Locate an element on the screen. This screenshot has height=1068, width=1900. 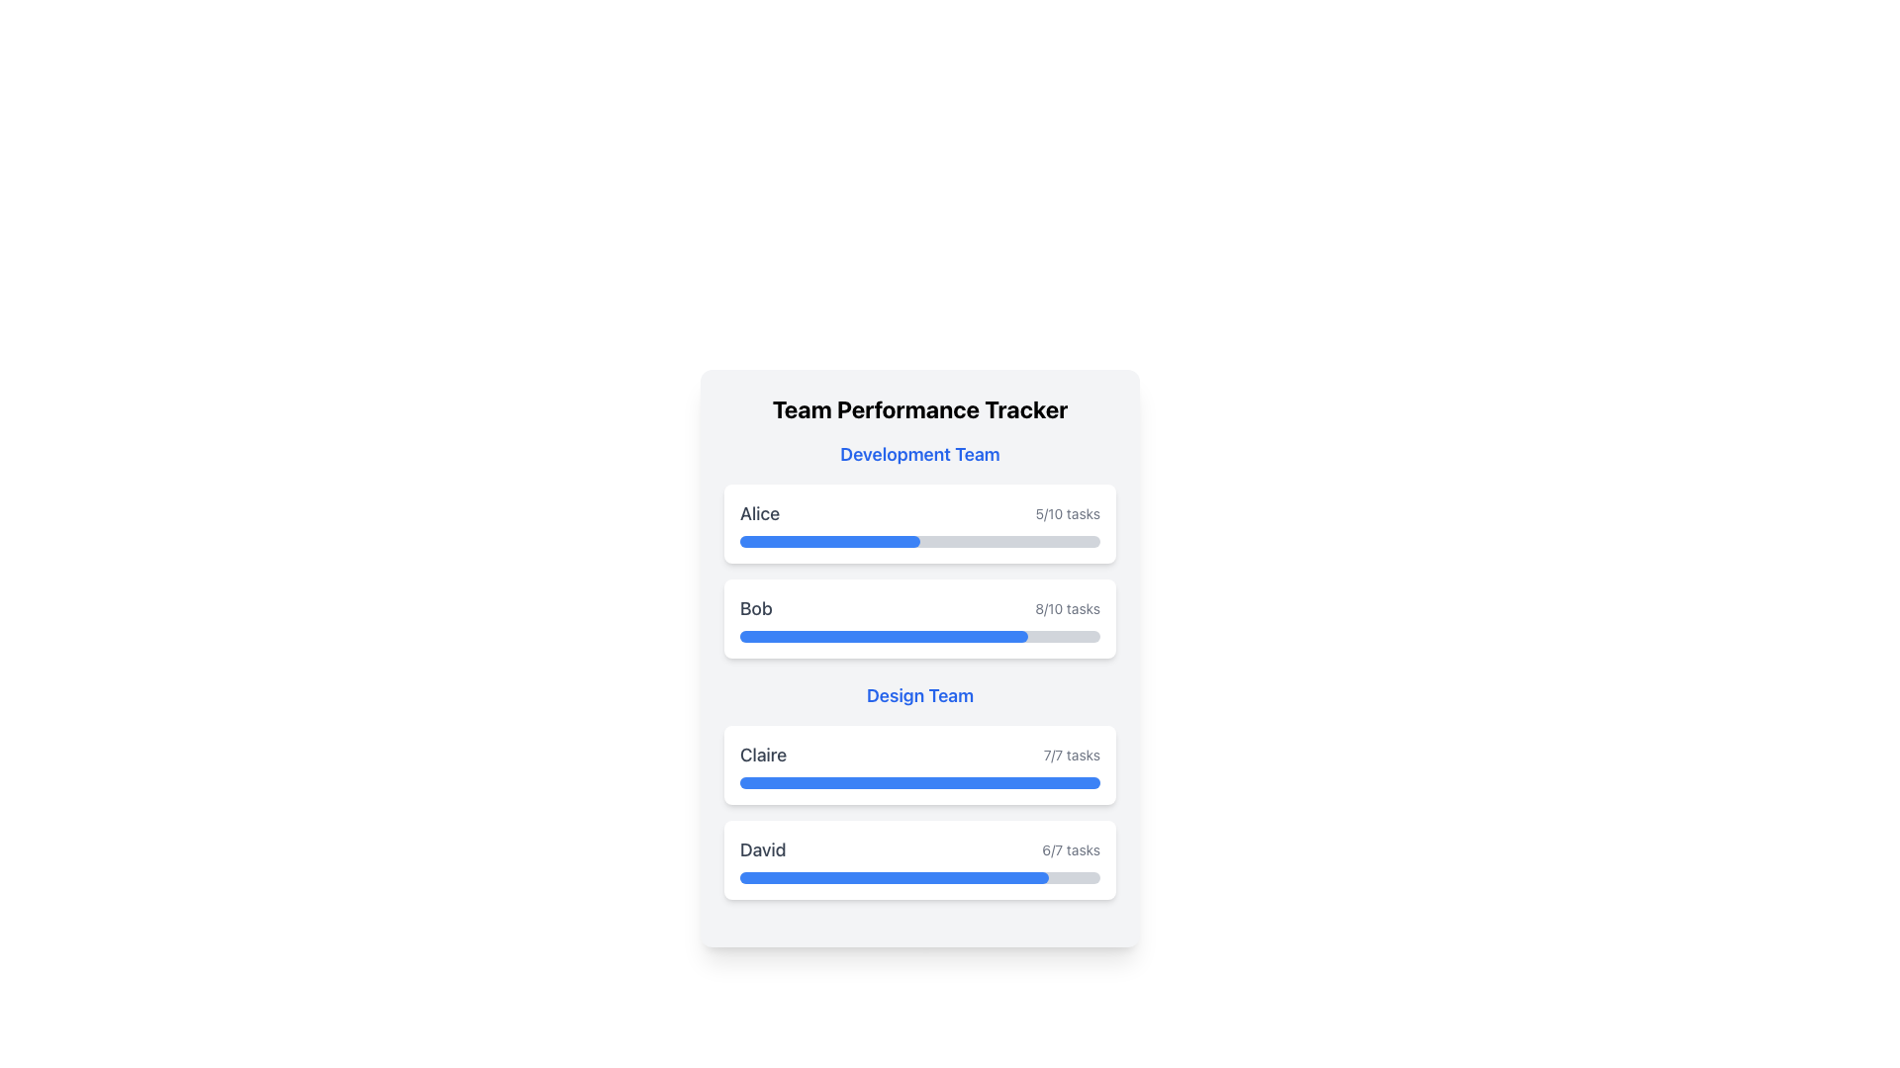
the label displaying the name 'David' in the task progress tracking section under the 'Design Team' is located at coordinates (762, 849).